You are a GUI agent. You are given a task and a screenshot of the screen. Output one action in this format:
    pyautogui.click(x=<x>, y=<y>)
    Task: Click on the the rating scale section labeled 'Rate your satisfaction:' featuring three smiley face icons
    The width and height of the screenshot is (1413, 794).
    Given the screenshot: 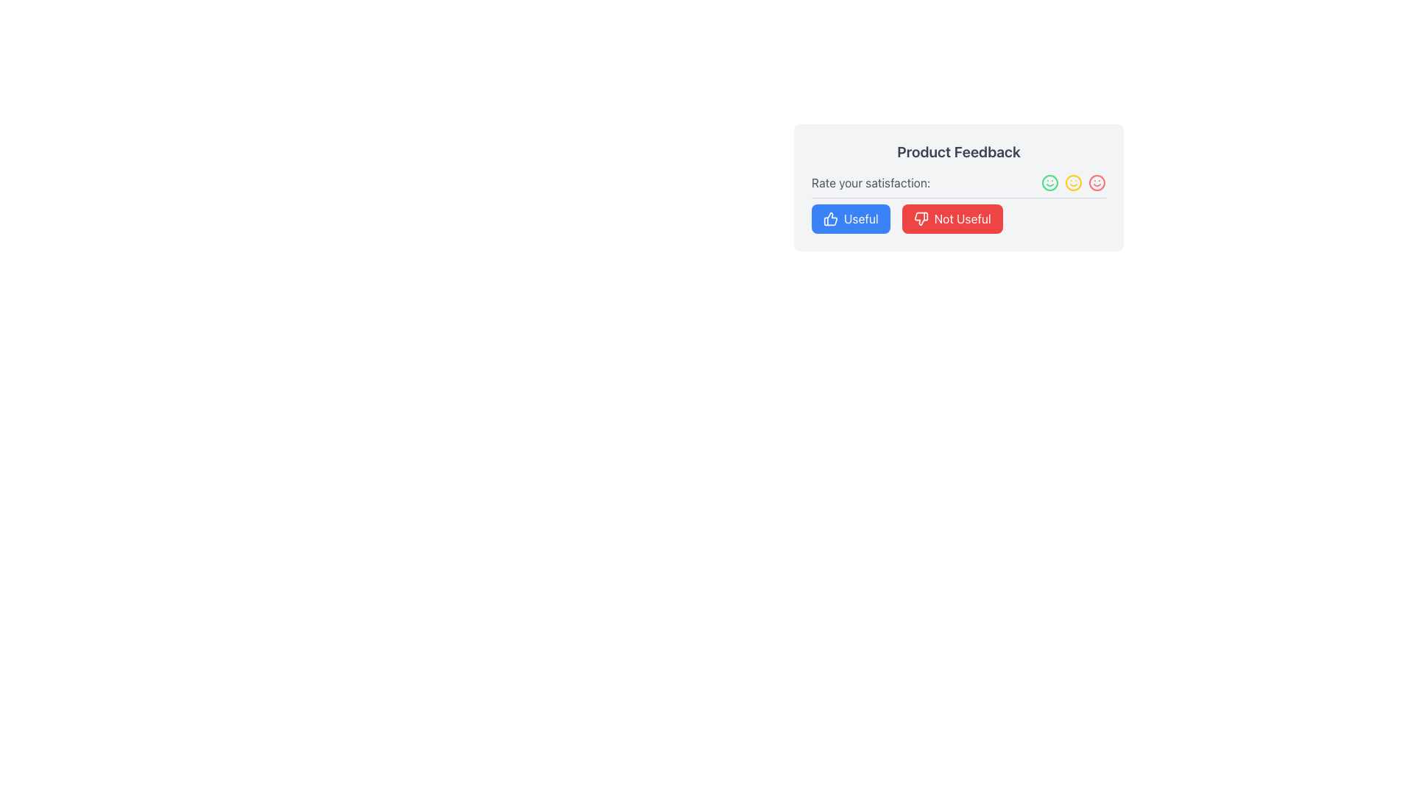 What is the action you would take?
    pyautogui.click(x=958, y=182)
    